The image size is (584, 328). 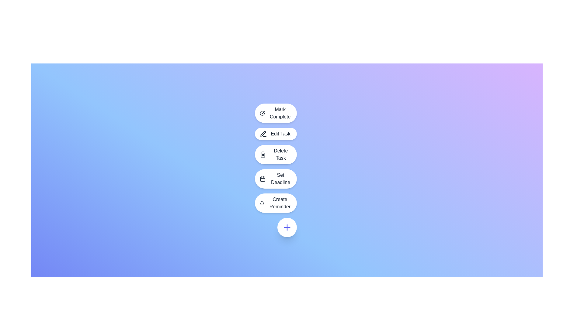 What do you see at coordinates (262, 203) in the screenshot?
I see `the notification settings icon located to the right of the last item in a vertical stack of buttons` at bounding box center [262, 203].